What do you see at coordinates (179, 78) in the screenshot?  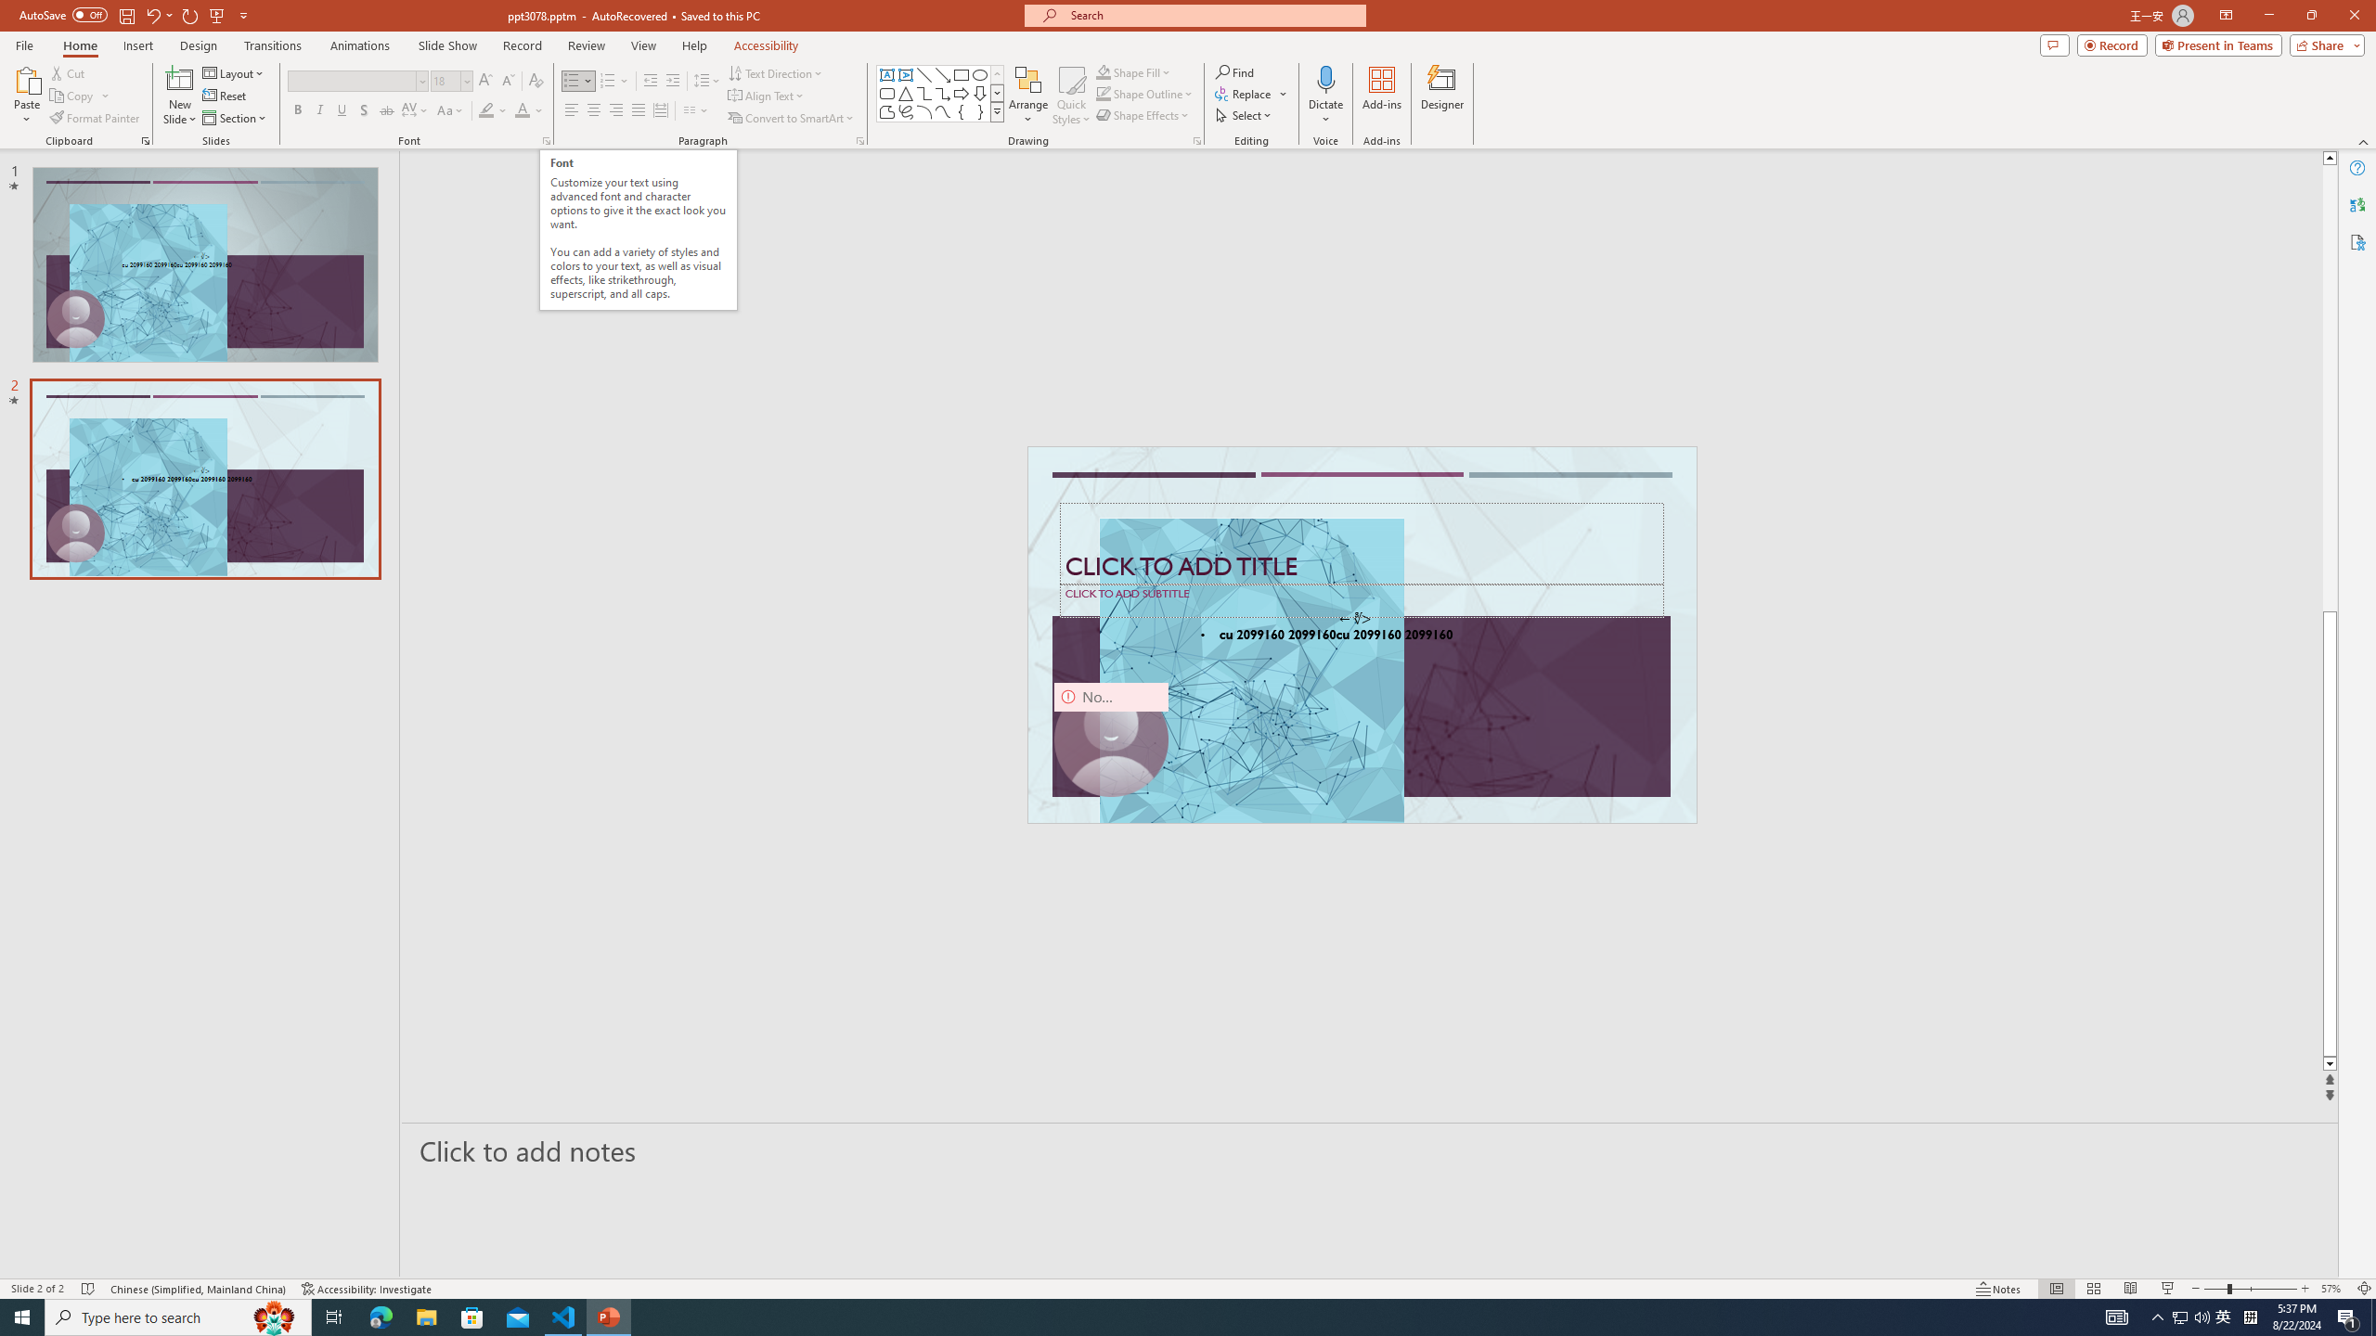 I see `'New Slide'` at bounding box center [179, 78].